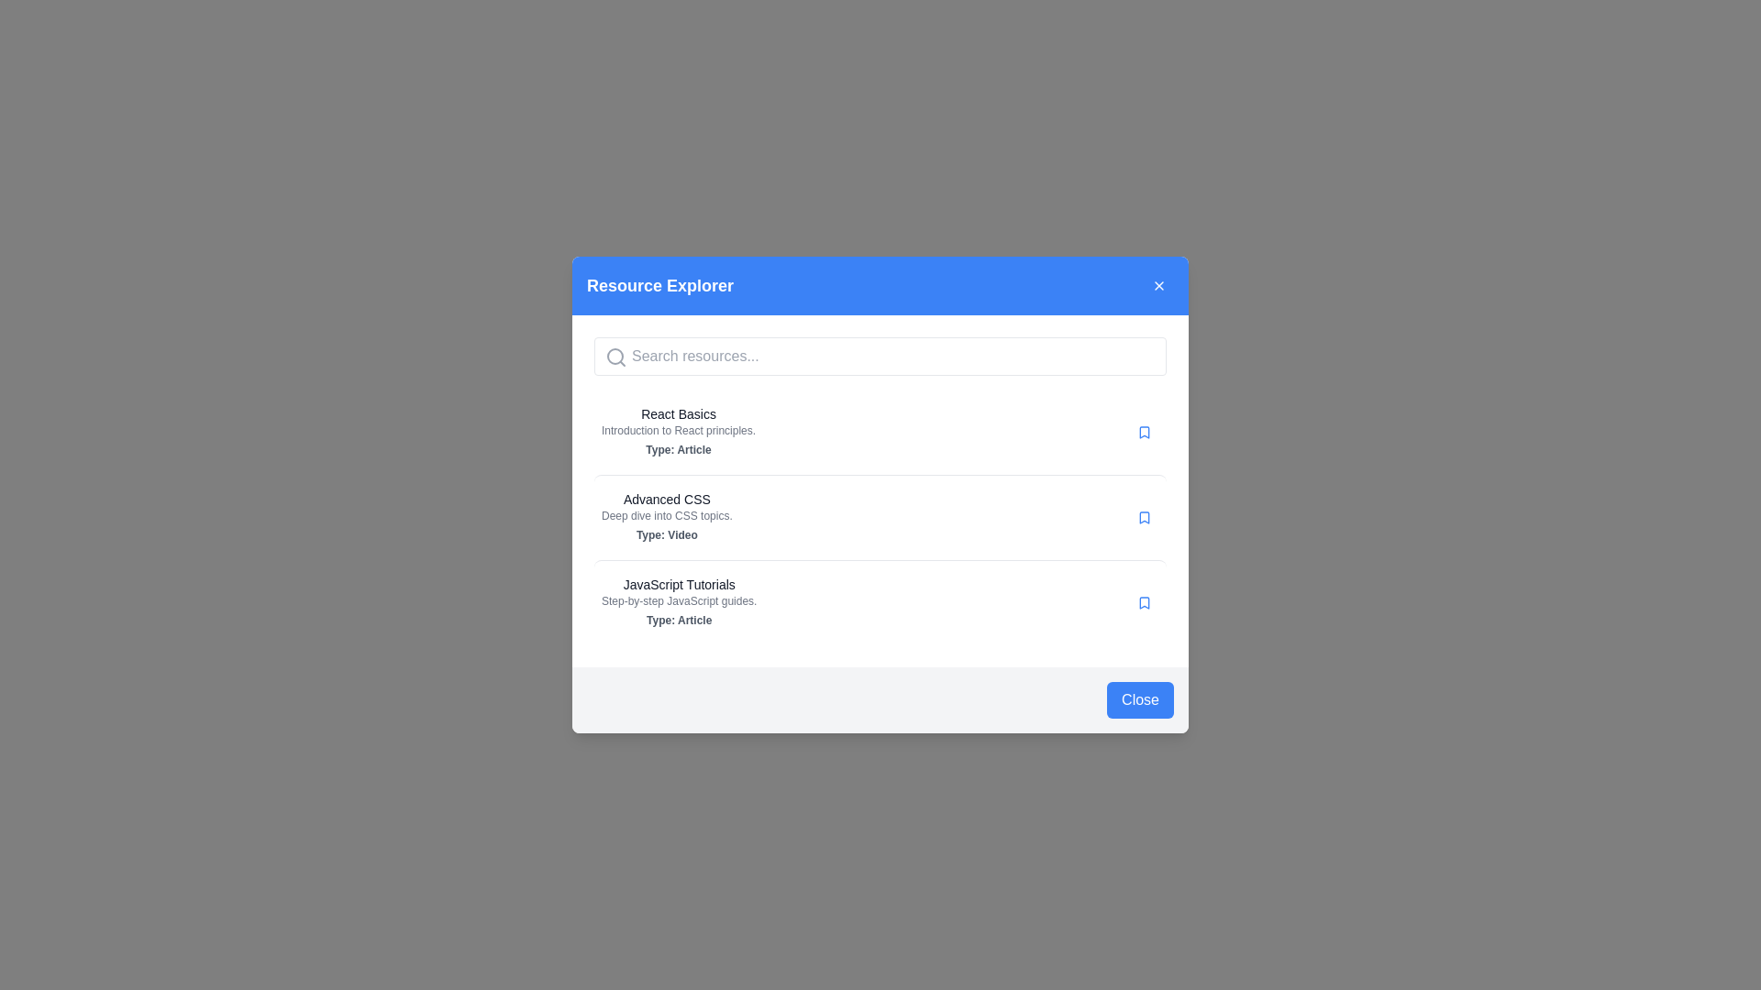 The width and height of the screenshot is (1761, 990). Describe the element at coordinates (678, 584) in the screenshot. I see `the text label 'JavaScript Tutorials' which serves as the title of a listed item in the 'Resource Explorer' modal` at that location.